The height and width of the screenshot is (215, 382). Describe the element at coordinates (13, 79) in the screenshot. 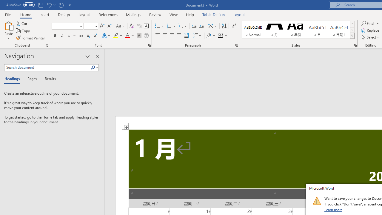

I see `'Headings'` at that location.